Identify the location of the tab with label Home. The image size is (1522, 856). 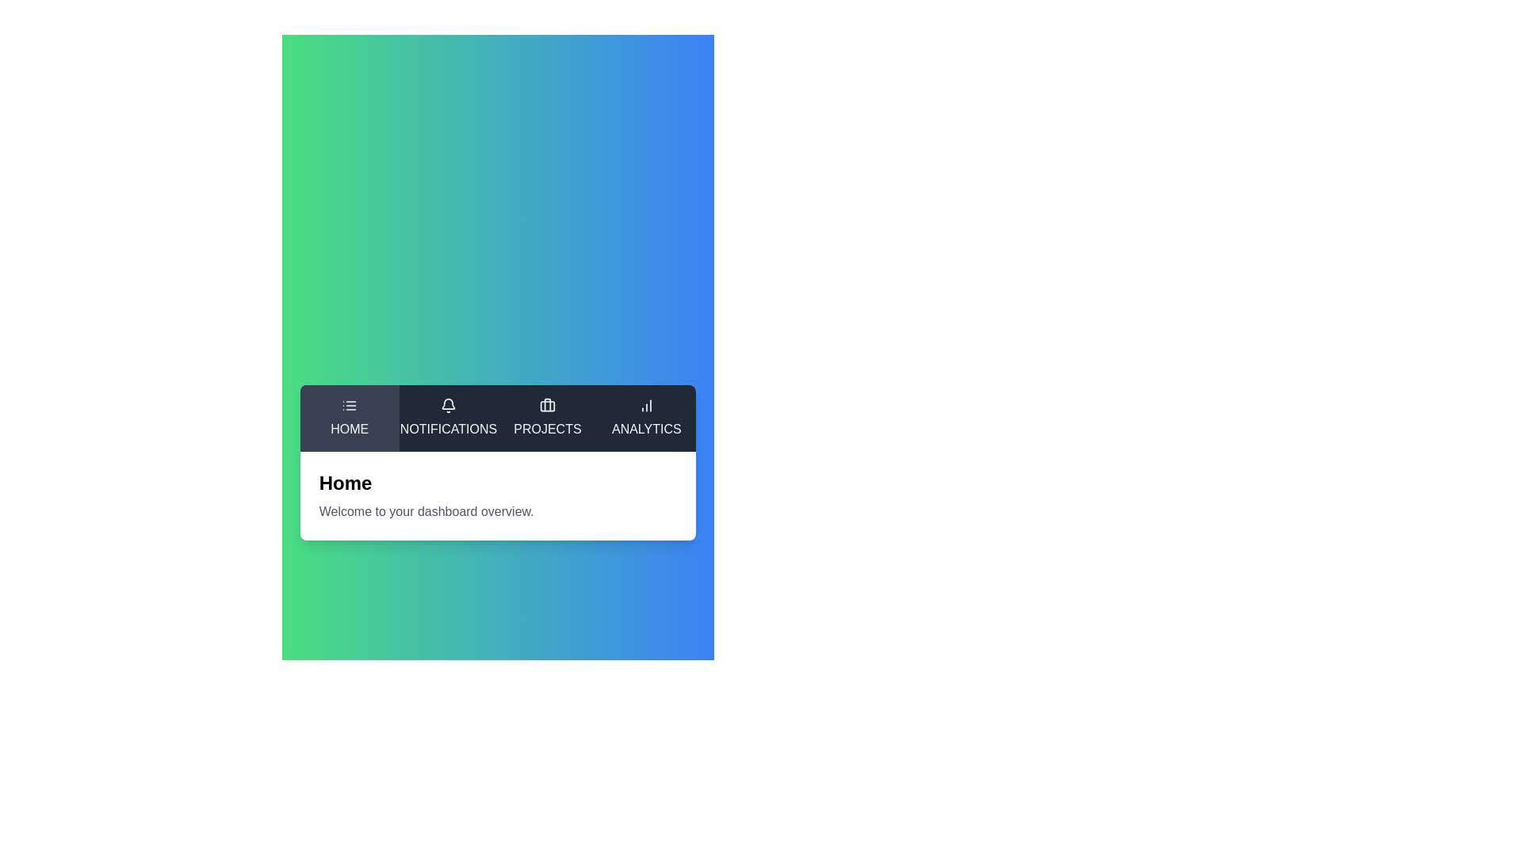
(349, 418).